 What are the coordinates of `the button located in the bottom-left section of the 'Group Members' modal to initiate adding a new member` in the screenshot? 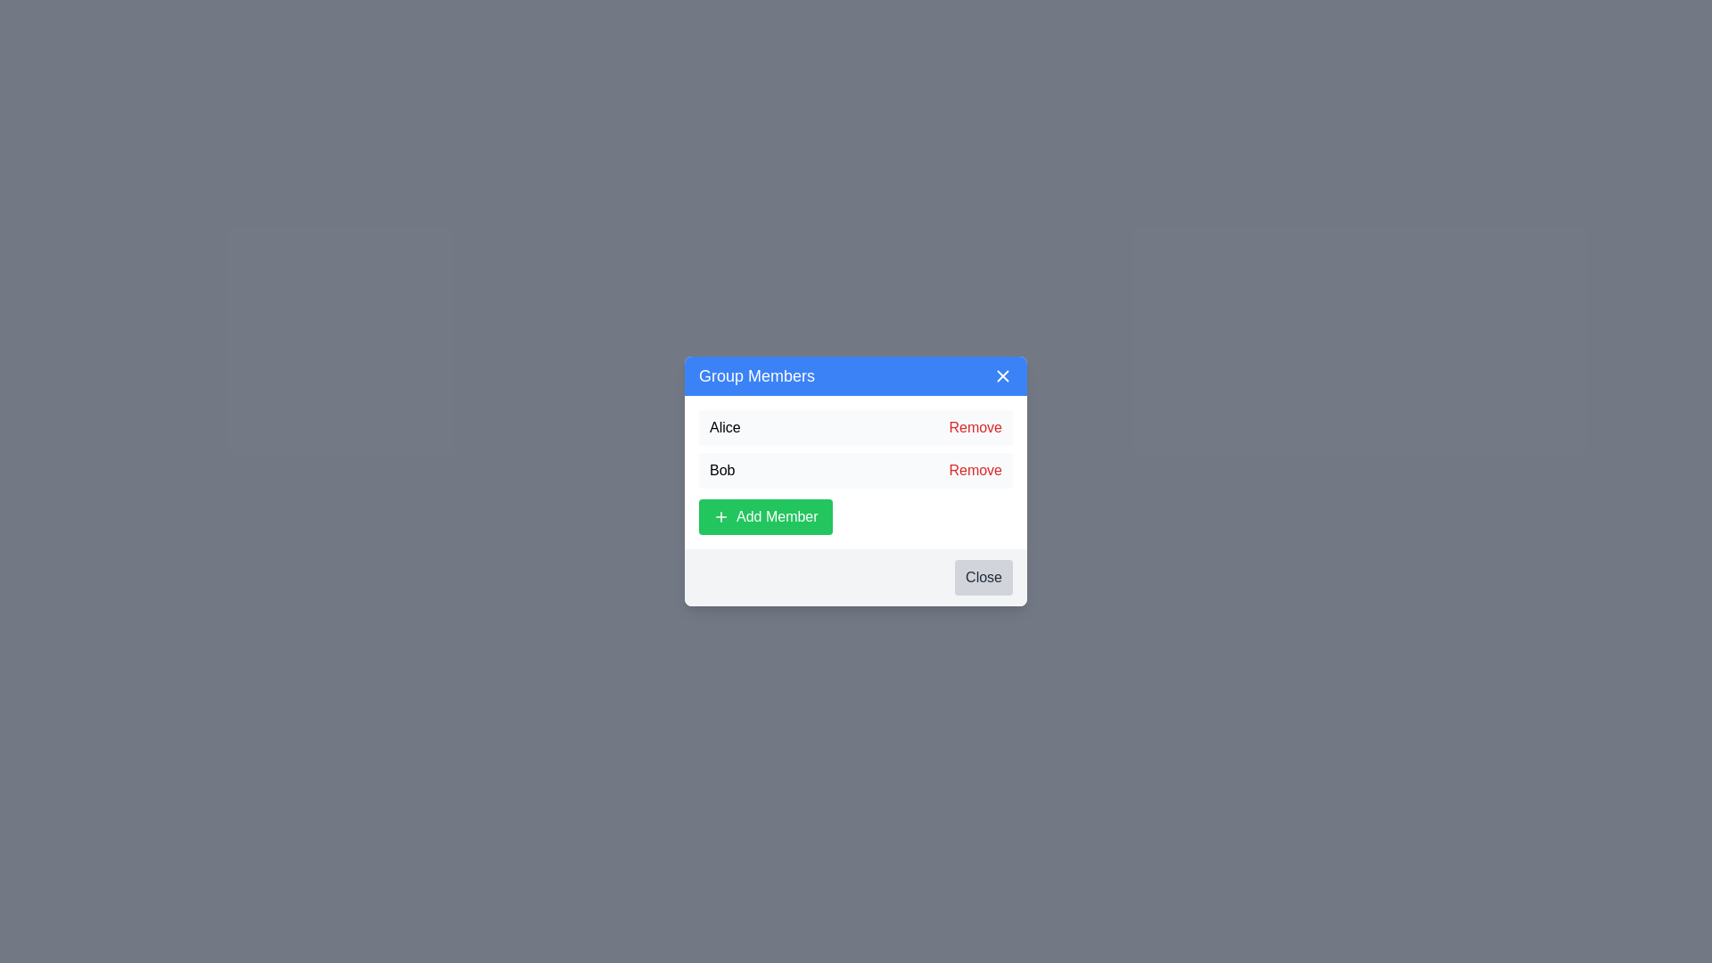 It's located at (765, 516).